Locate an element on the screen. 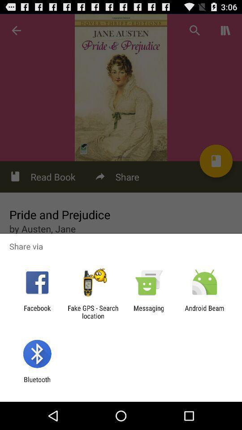 The height and width of the screenshot is (430, 242). icon to the right of the messaging is located at coordinates (204, 312).